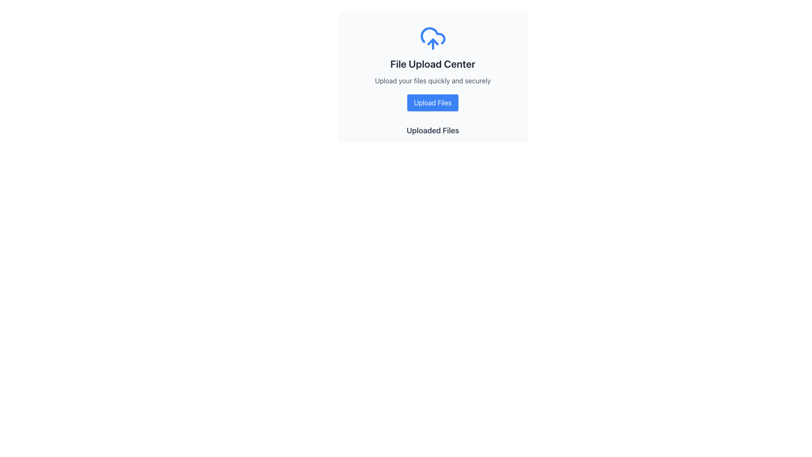 Image resolution: width=812 pixels, height=457 pixels. Describe the element at coordinates (433, 39) in the screenshot. I see `the blue cloud-shaped icon with an upward arrow located at the top of the 'File Upload Center' section` at that location.